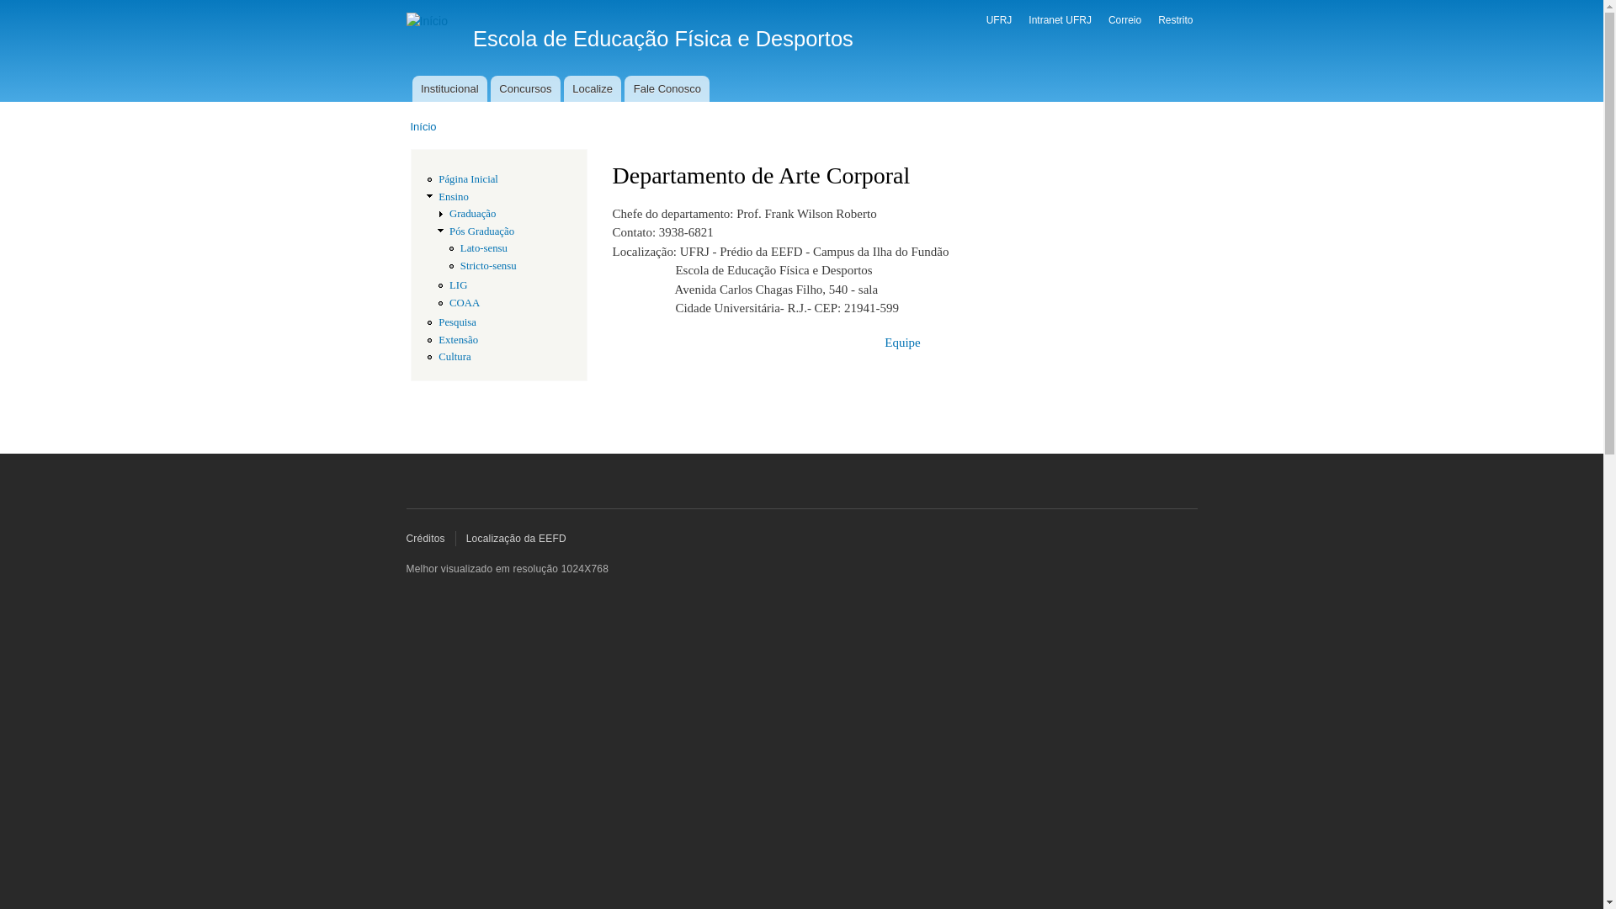  What do you see at coordinates (666, 88) in the screenshot?
I see `'Fale Conosco'` at bounding box center [666, 88].